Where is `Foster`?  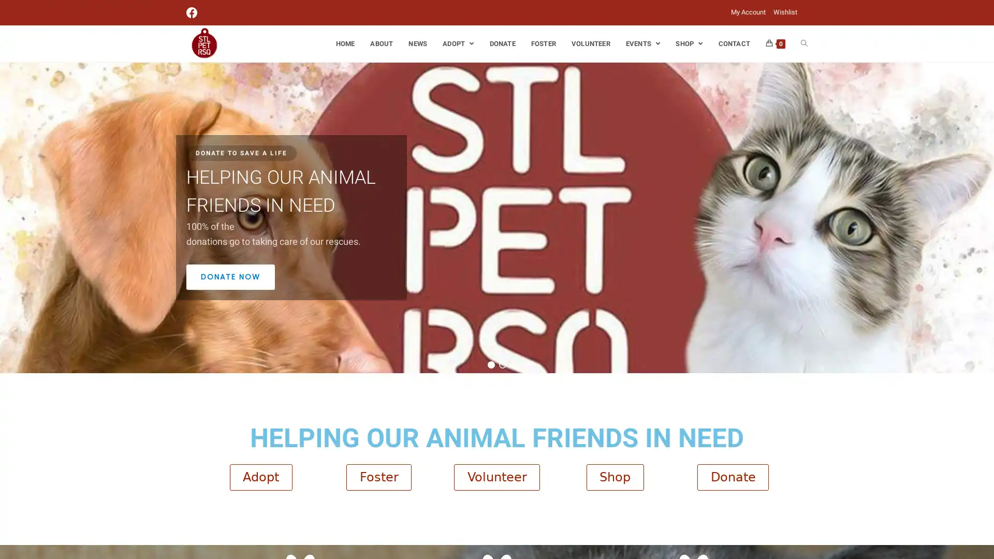 Foster is located at coordinates (378, 477).